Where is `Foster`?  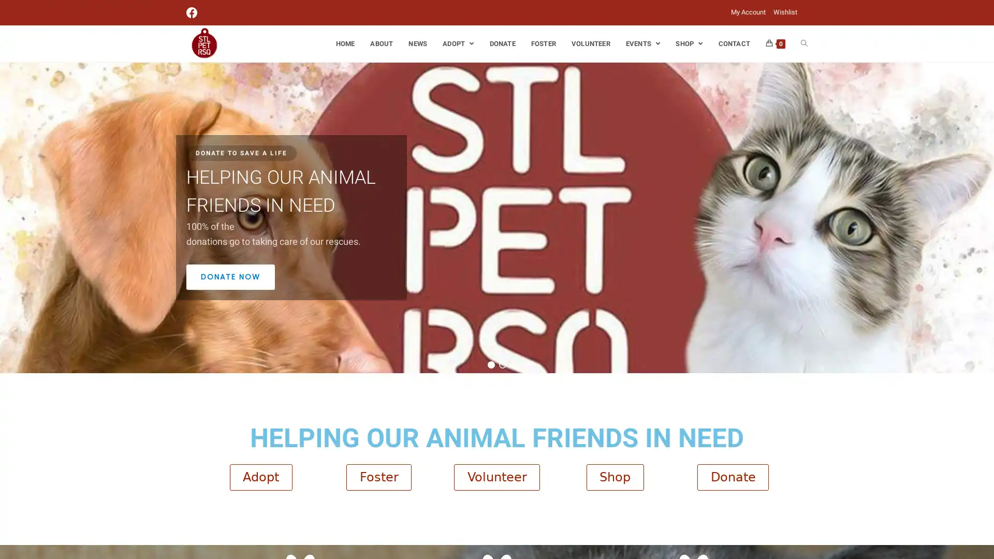 Foster is located at coordinates (378, 477).